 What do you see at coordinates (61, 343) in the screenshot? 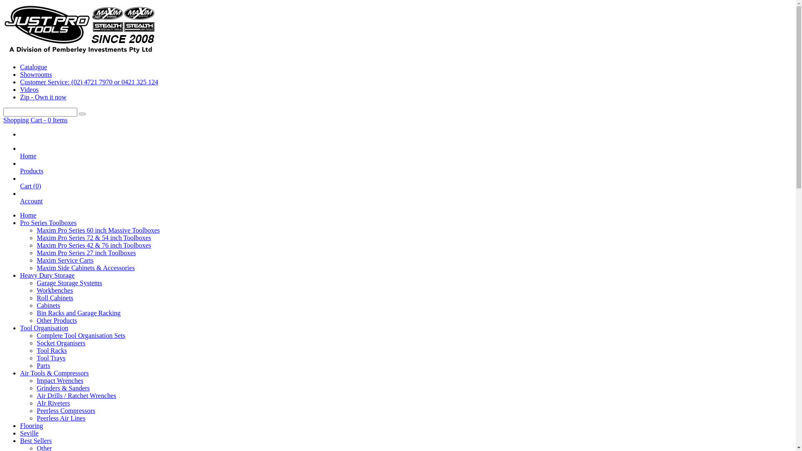
I see `'Socket Organisers'` at bounding box center [61, 343].